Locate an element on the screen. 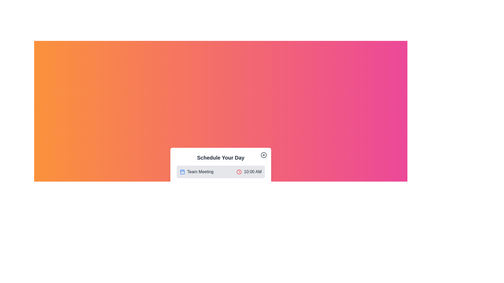 Image resolution: width=504 pixels, height=283 pixels. the calendar icon which is light blue and positioned to the left of the text 'Team Meeting' within the modal component is located at coordinates (182, 172).